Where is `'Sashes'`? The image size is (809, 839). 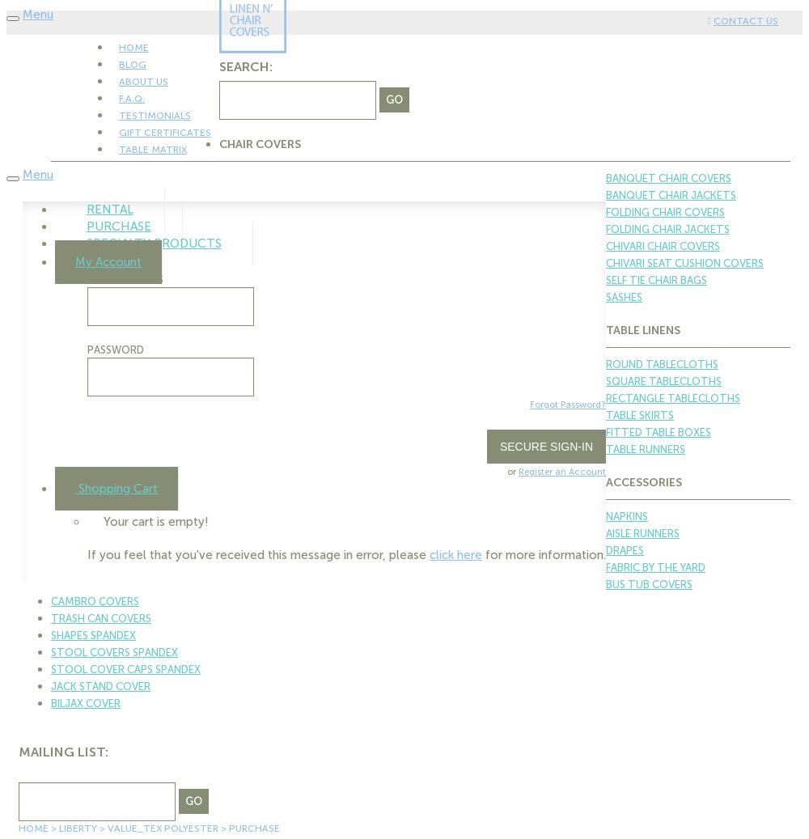
'Sashes' is located at coordinates (605, 296).